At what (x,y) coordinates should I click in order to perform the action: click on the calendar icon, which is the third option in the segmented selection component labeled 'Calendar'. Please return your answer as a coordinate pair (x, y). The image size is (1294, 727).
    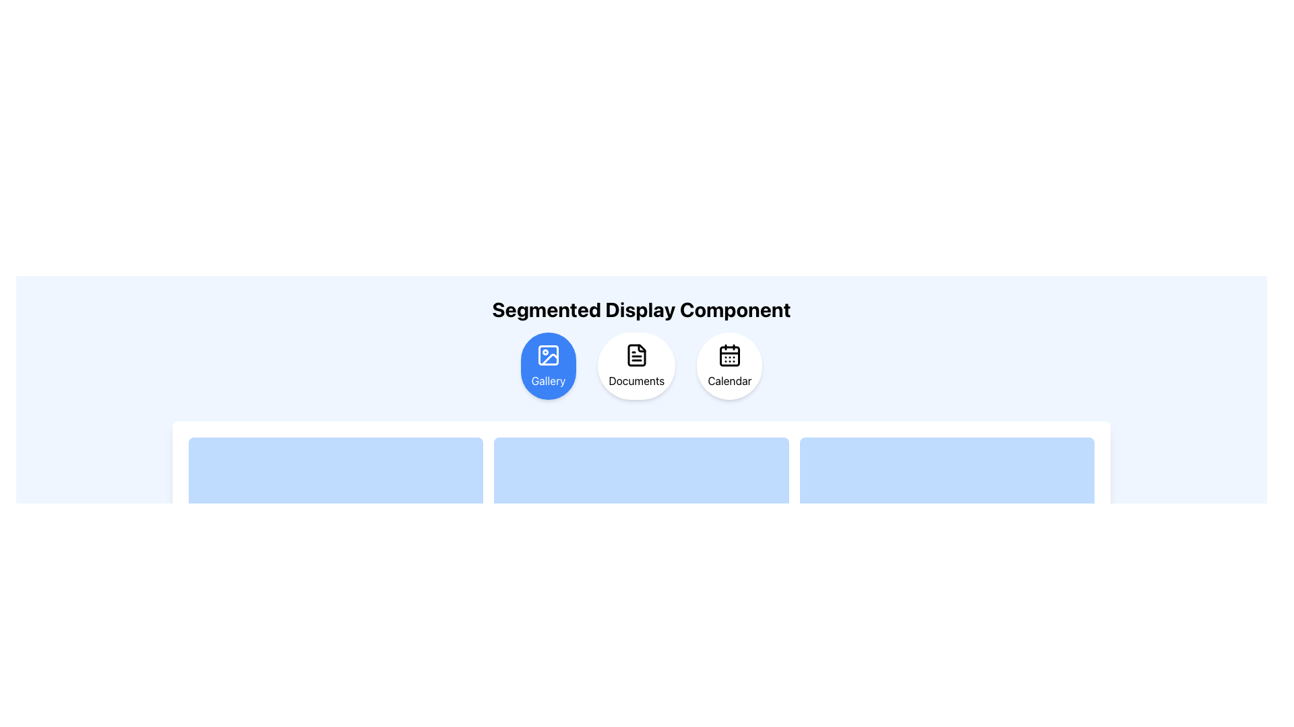
    Looking at the image, I should click on (729, 355).